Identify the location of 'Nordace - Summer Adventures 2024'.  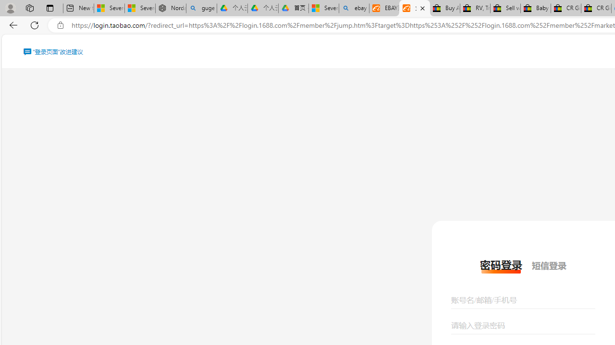
(171, 8).